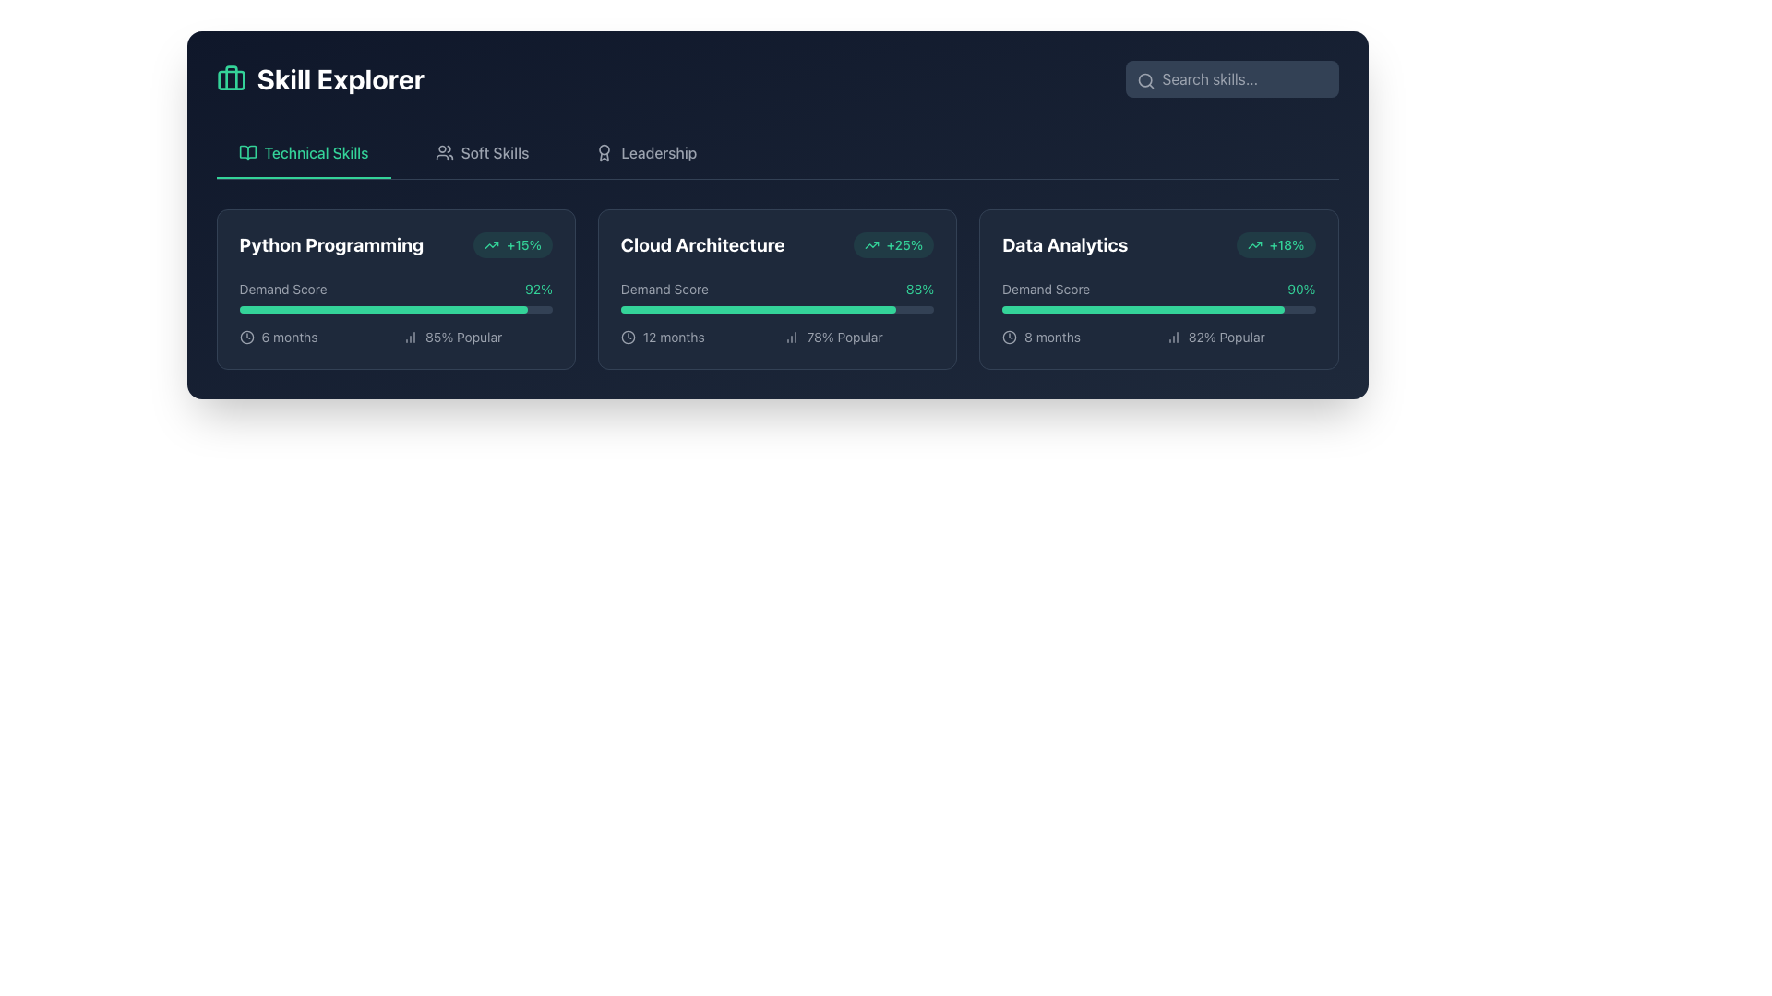 This screenshot has width=1772, height=996. What do you see at coordinates (492, 244) in the screenshot?
I see `the upward trending green arrow icon located to the left of the '+15%' text in the Python Programming section card` at bounding box center [492, 244].